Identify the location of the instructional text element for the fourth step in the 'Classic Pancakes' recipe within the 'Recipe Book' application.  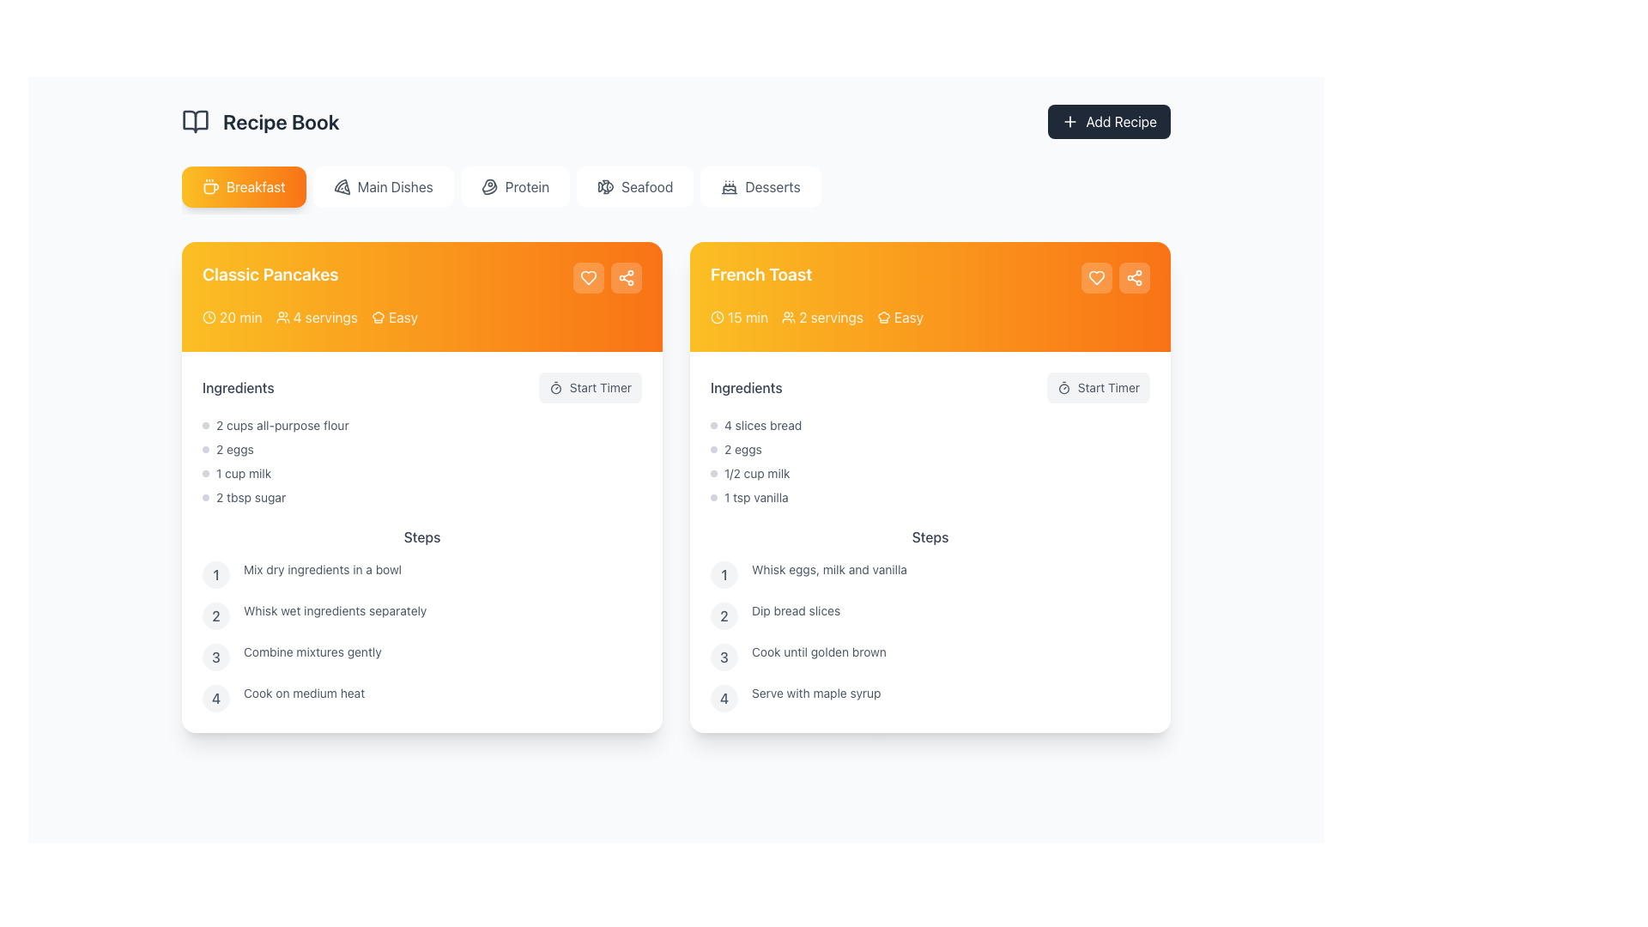
(304, 698).